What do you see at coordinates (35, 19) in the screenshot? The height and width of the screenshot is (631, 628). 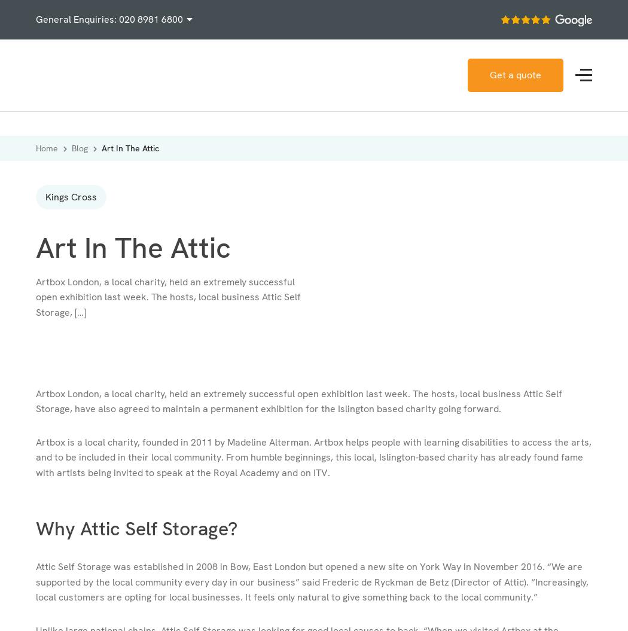 I see `'General Enquiries:
020 8981 6800'` at bounding box center [35, 19].